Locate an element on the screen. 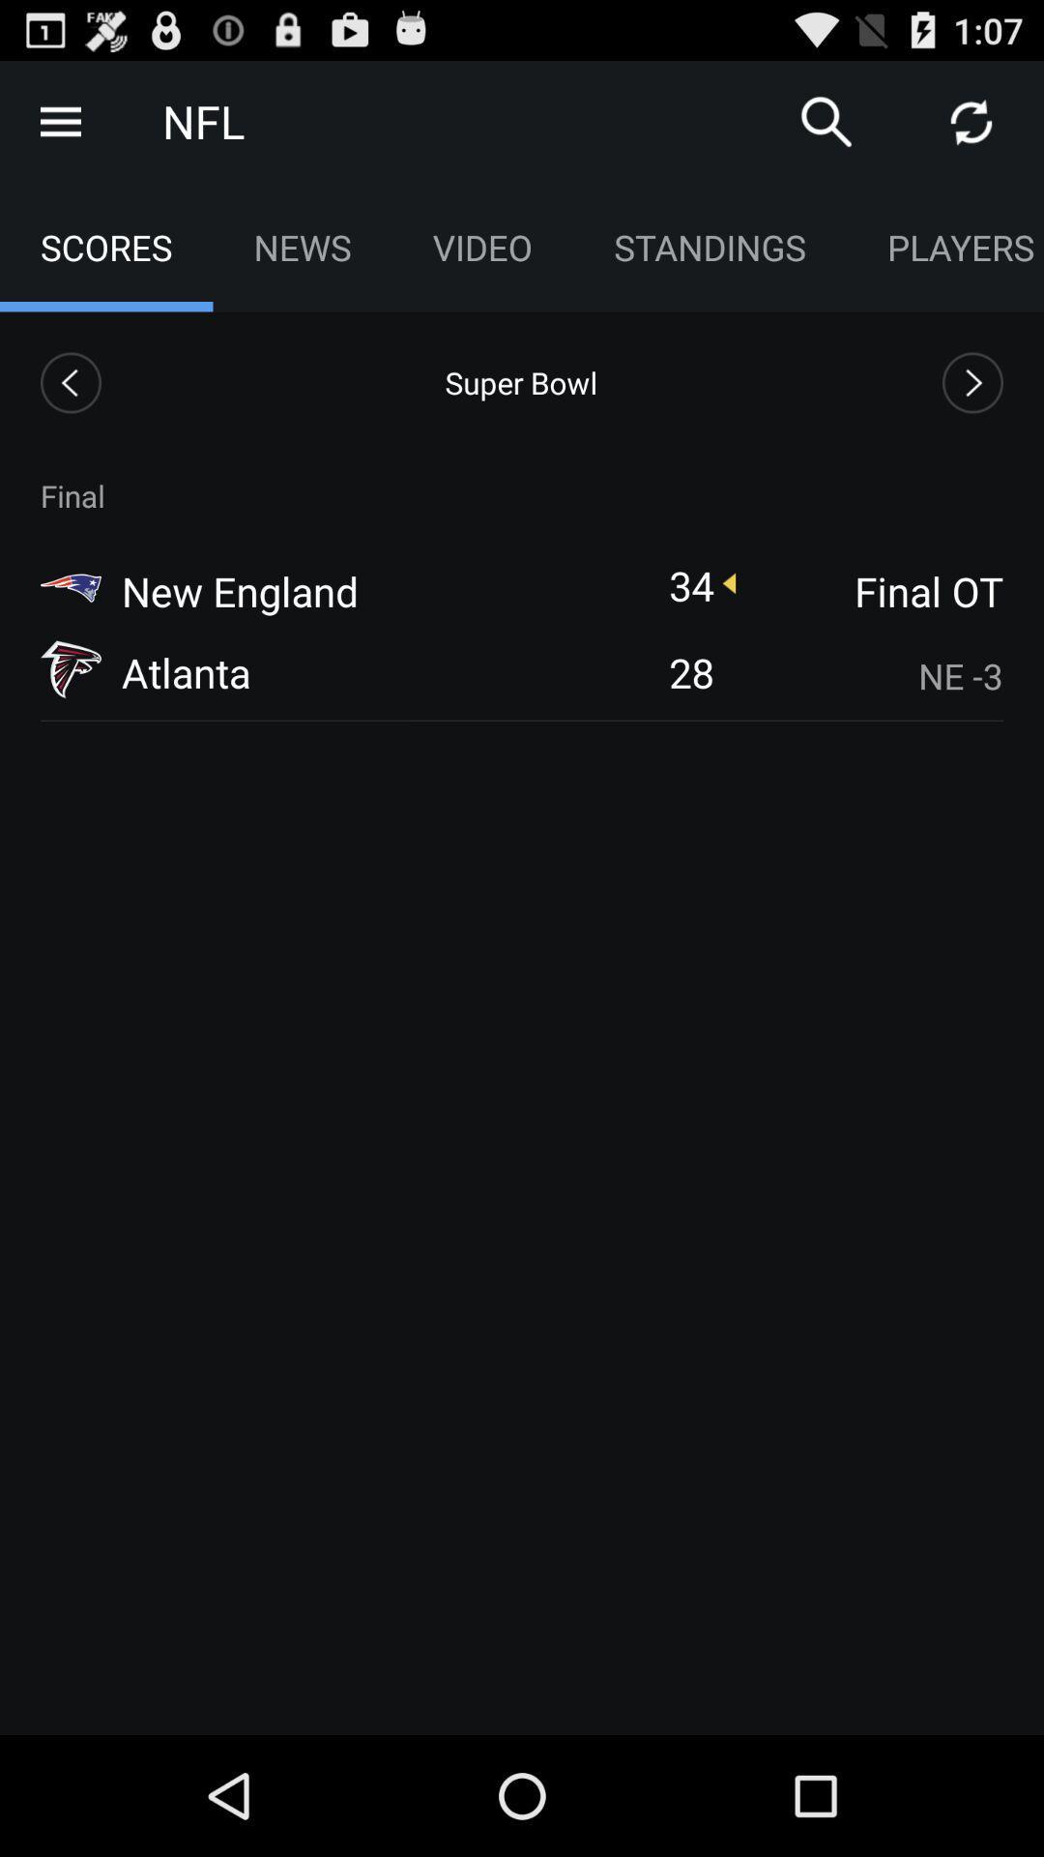 The width and height of the screenshot is (1044, 1857). icon to the left of 28 icon is located at coordinates (186, 672).